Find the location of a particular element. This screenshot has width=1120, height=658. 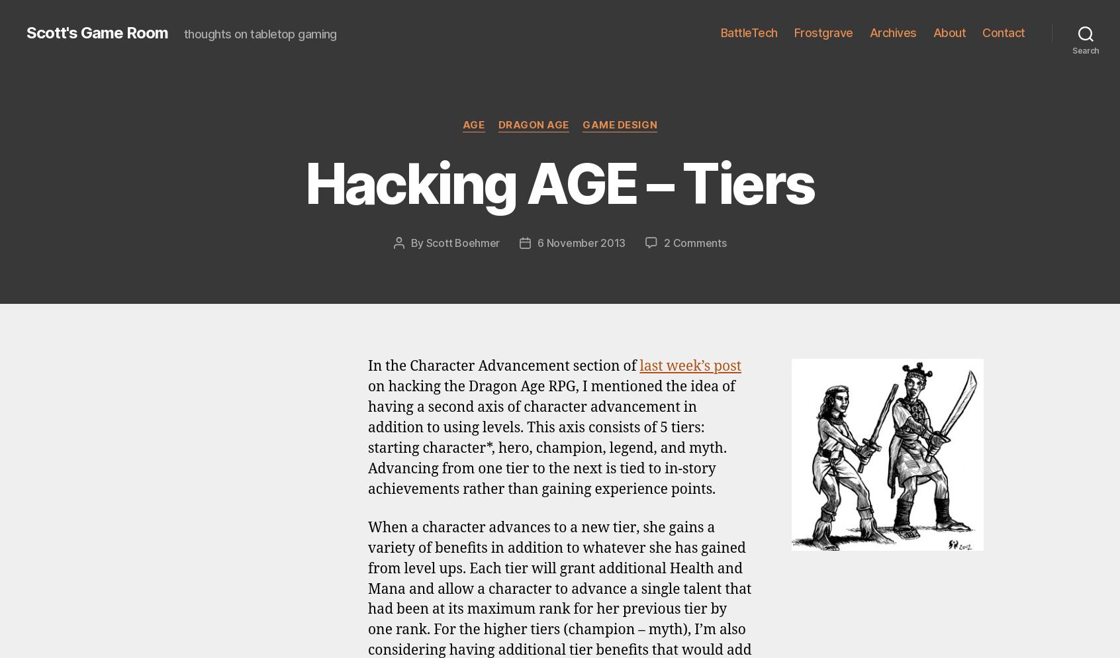

'A game enthusiast and software engineer.' is located at coordinates (546, 418).